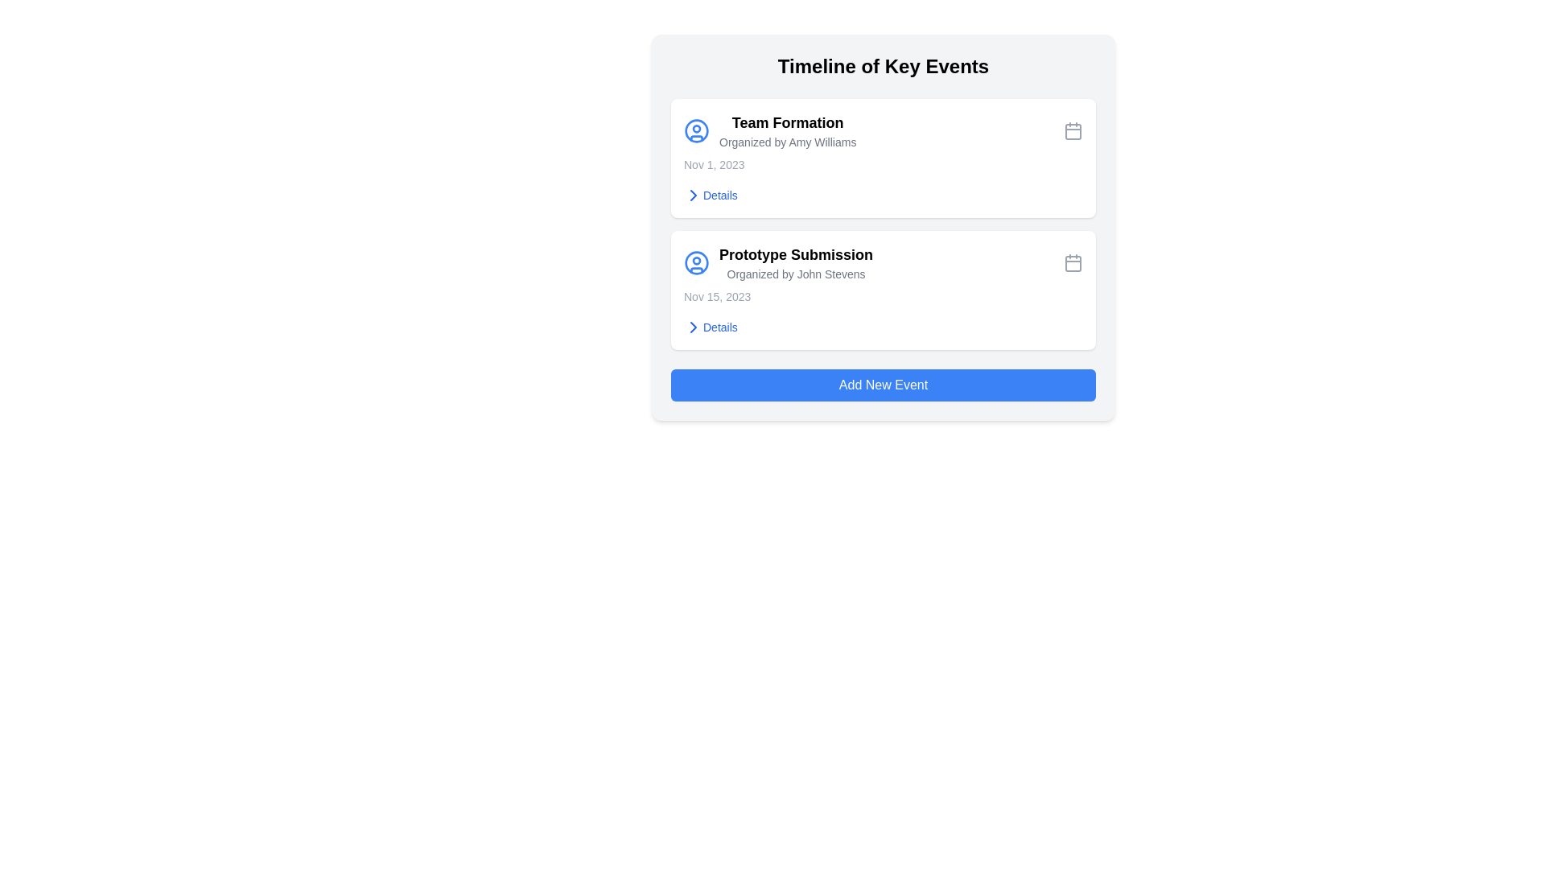 The width and height of the screenshot is (1545, 869). What do you see at coordinates (778, 262) in the screenshot?
I see `the 'Prototype Submission' event information element located in the second box of the vertically arranged timeline component` at bounding box center [778, 262].